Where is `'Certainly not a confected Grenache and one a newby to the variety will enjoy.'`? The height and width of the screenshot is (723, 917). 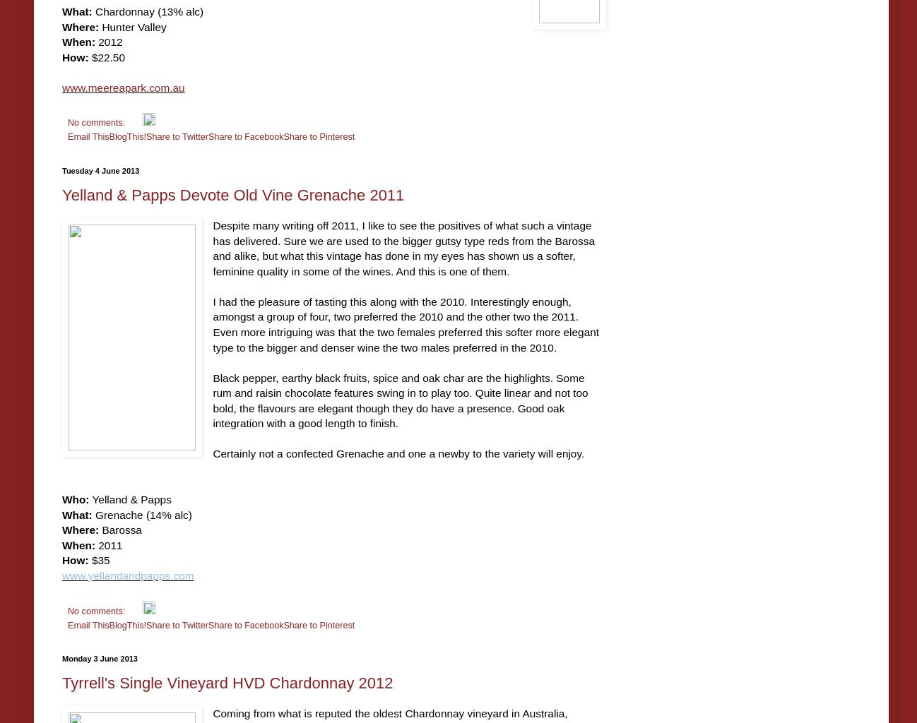
'Certainly not a confected Grenache and one a newby to the variety will enjoy.' is located at coordinates (397, 453).